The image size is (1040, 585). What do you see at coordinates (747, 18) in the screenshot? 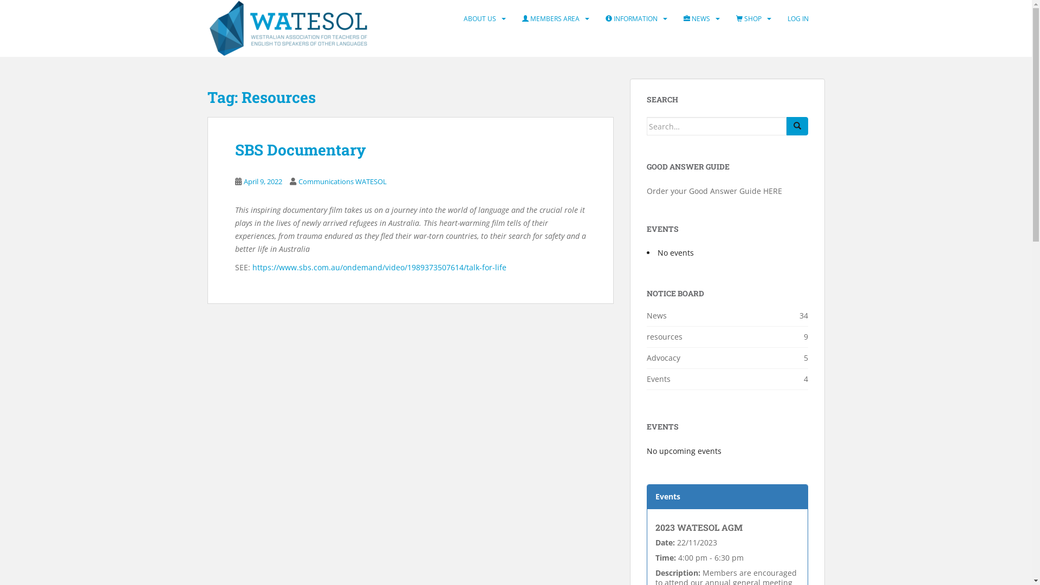
I see `'SHOP'` at bounding box center [747, 18].